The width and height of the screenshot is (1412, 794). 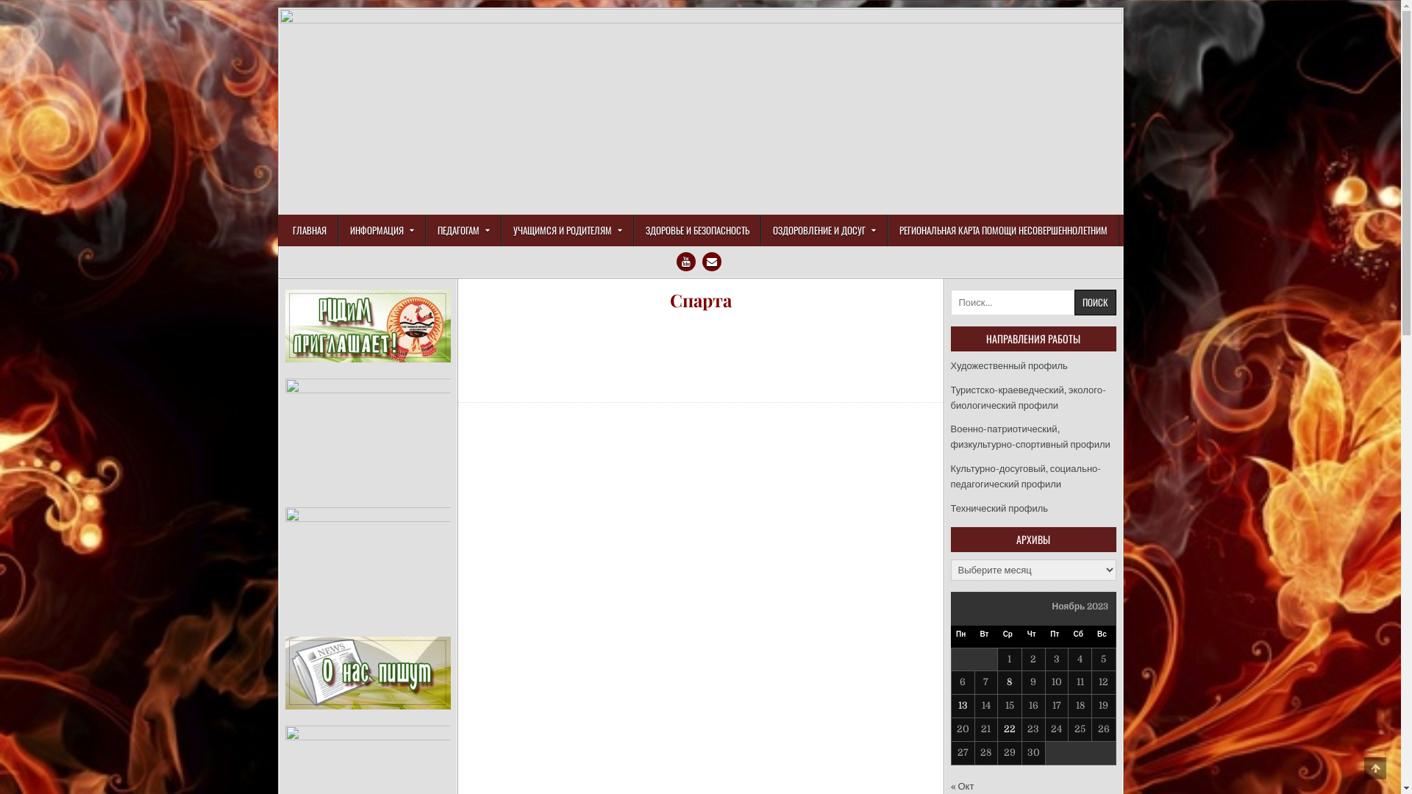 What do you see at coordinates (685, 260) in the screenshot?
I see `'Youtube'` at bounding box center [685, 260].